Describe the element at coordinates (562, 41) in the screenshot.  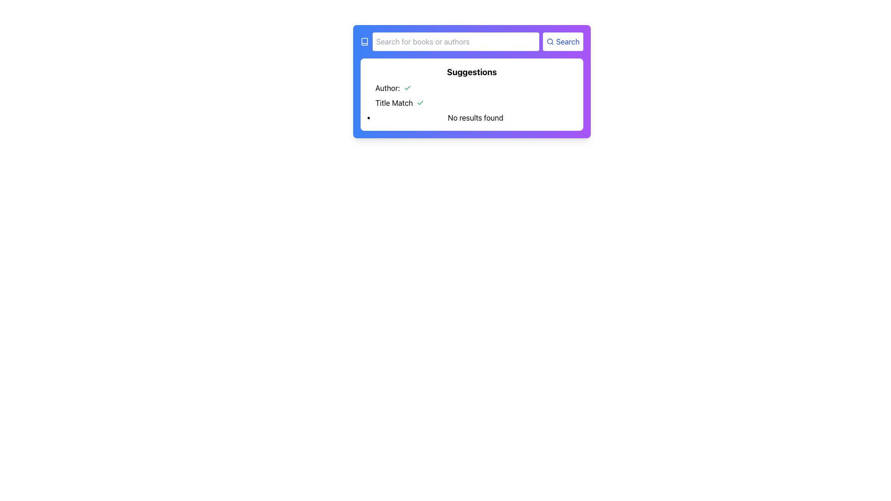
I see `the search button located immediately to the right of the text input field to receive visual feedback` at that location.